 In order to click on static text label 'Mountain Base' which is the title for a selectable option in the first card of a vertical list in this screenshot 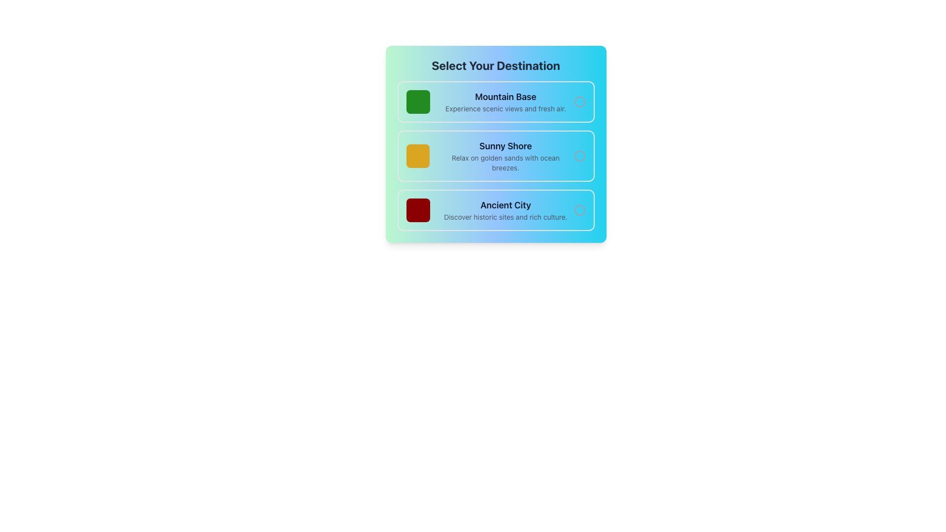, I will do `click(506, 97)`.